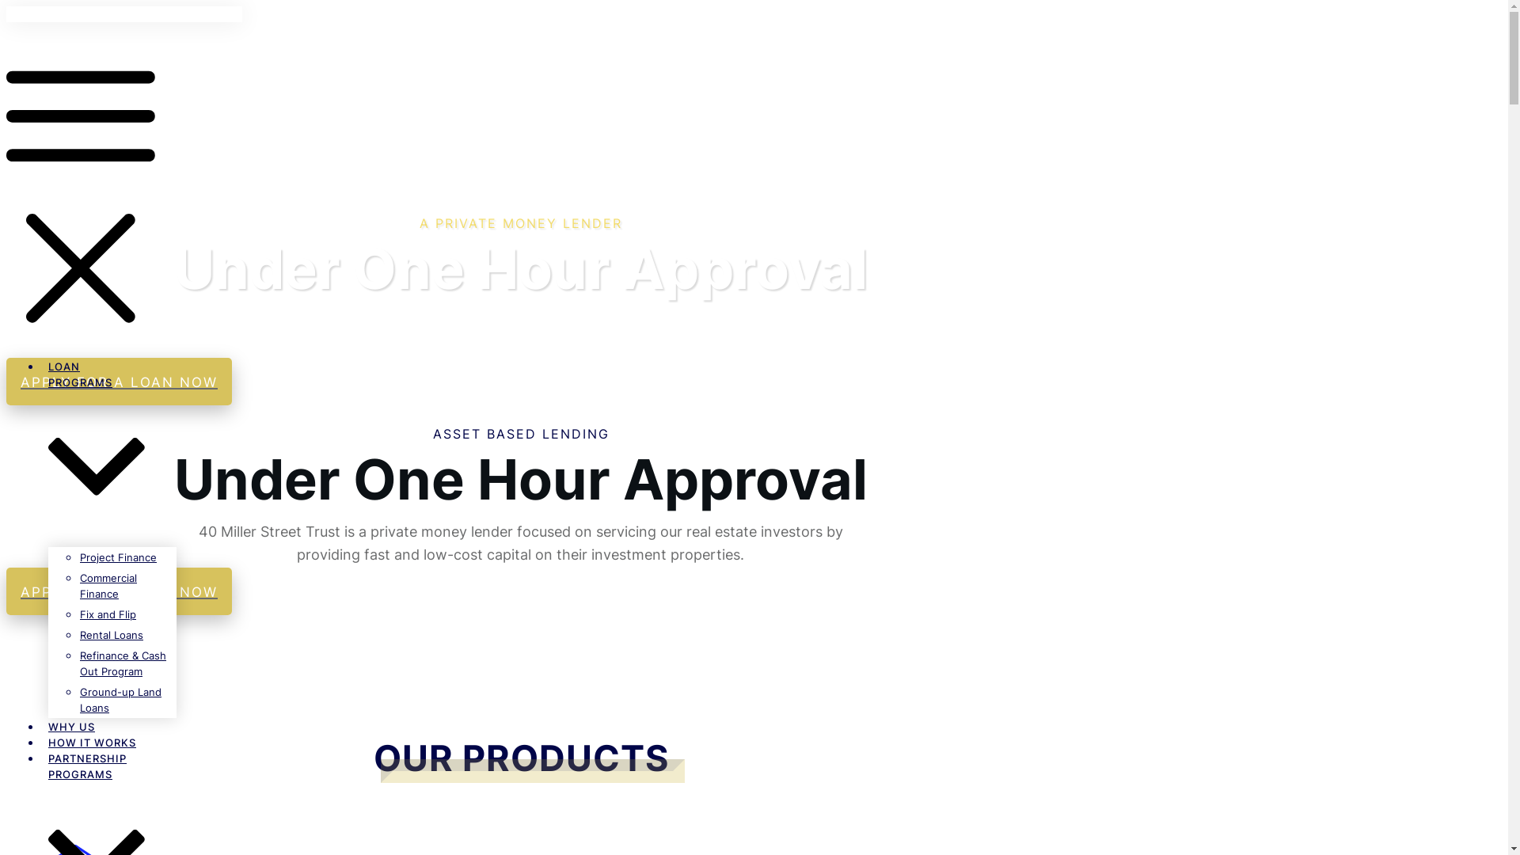 The width and height of the screenshot is (1520, 855). I want to click on 'Refinance & Cash Out Program', so click(122, 663).